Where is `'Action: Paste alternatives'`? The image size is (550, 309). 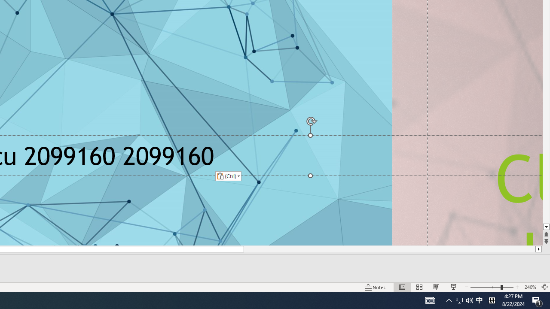
'Action: Paste alternatives' is located at coordinates (228, 176).